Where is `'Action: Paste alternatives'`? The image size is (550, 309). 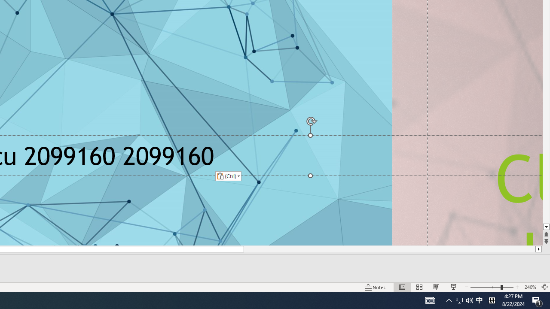
'Action: Paste alternatives' is located at coordinates (228, 176).